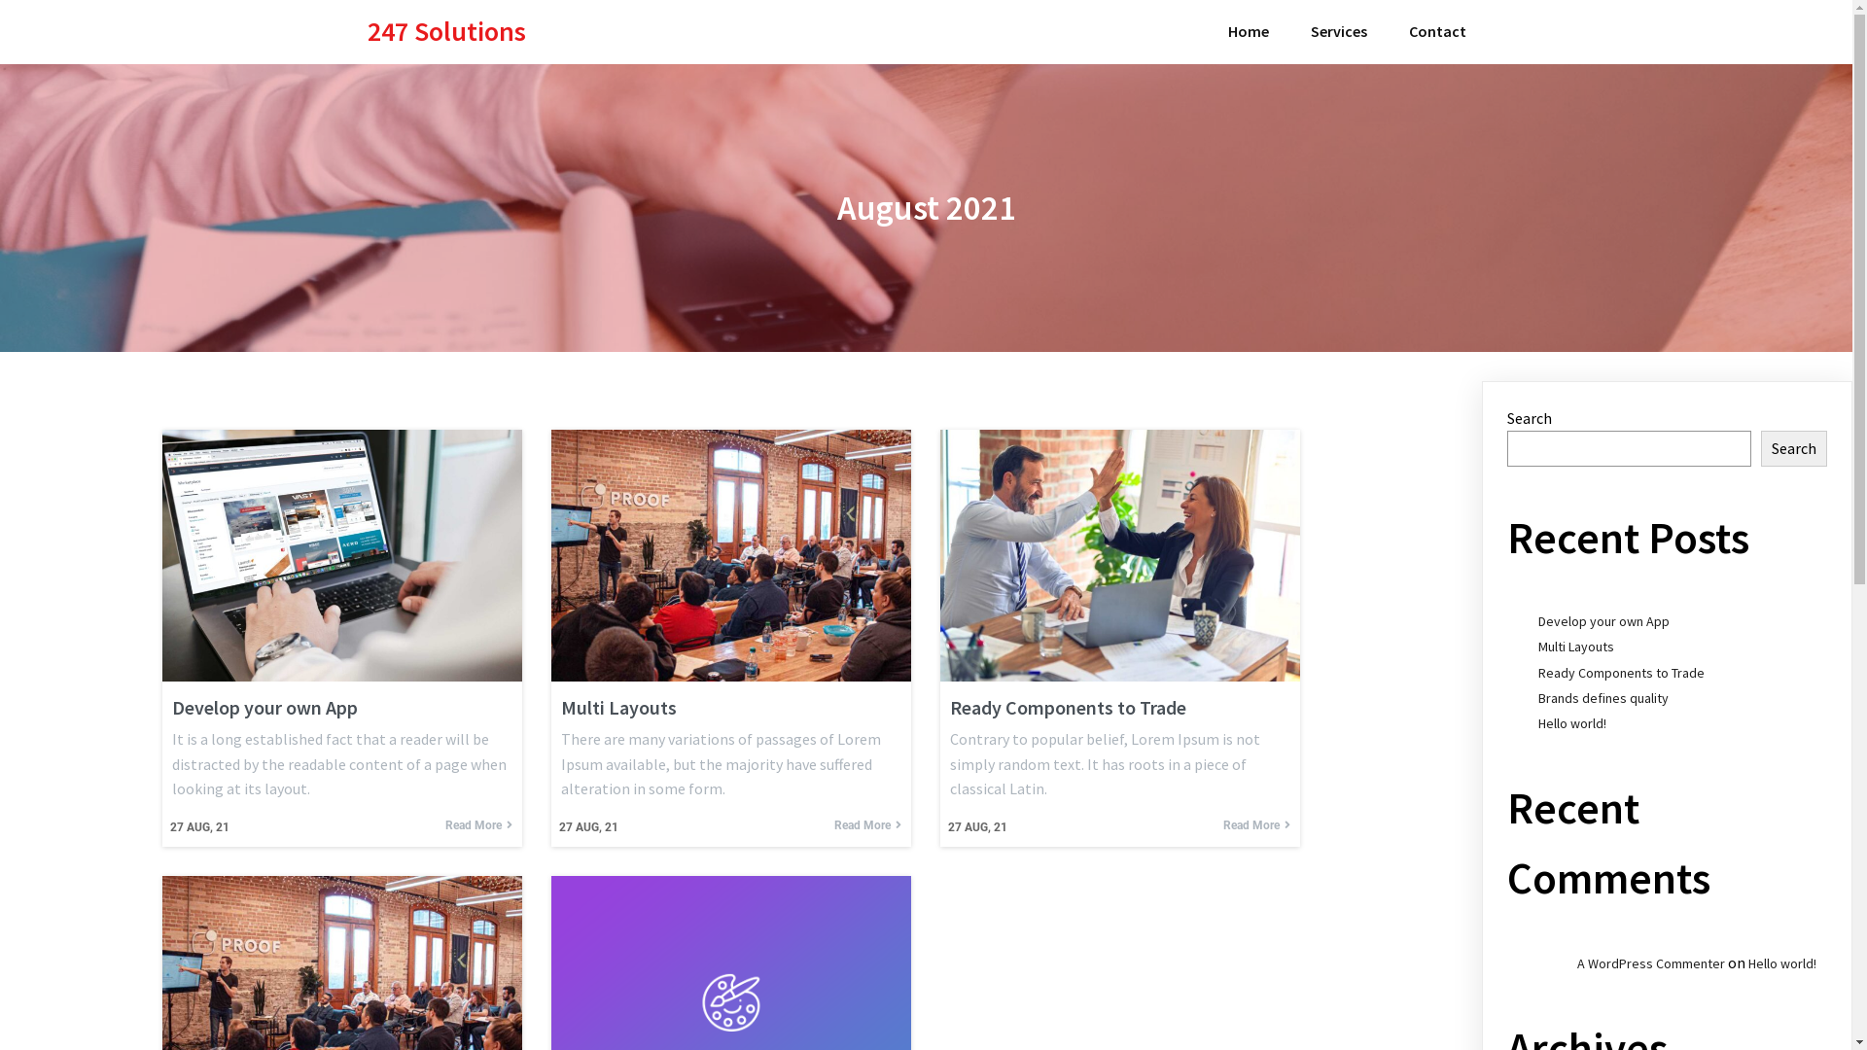 The image size is (1867, 1050). Describe the element at coordinates (528, 31) in the screenshot. I see `'247 Solutions'` at that location.